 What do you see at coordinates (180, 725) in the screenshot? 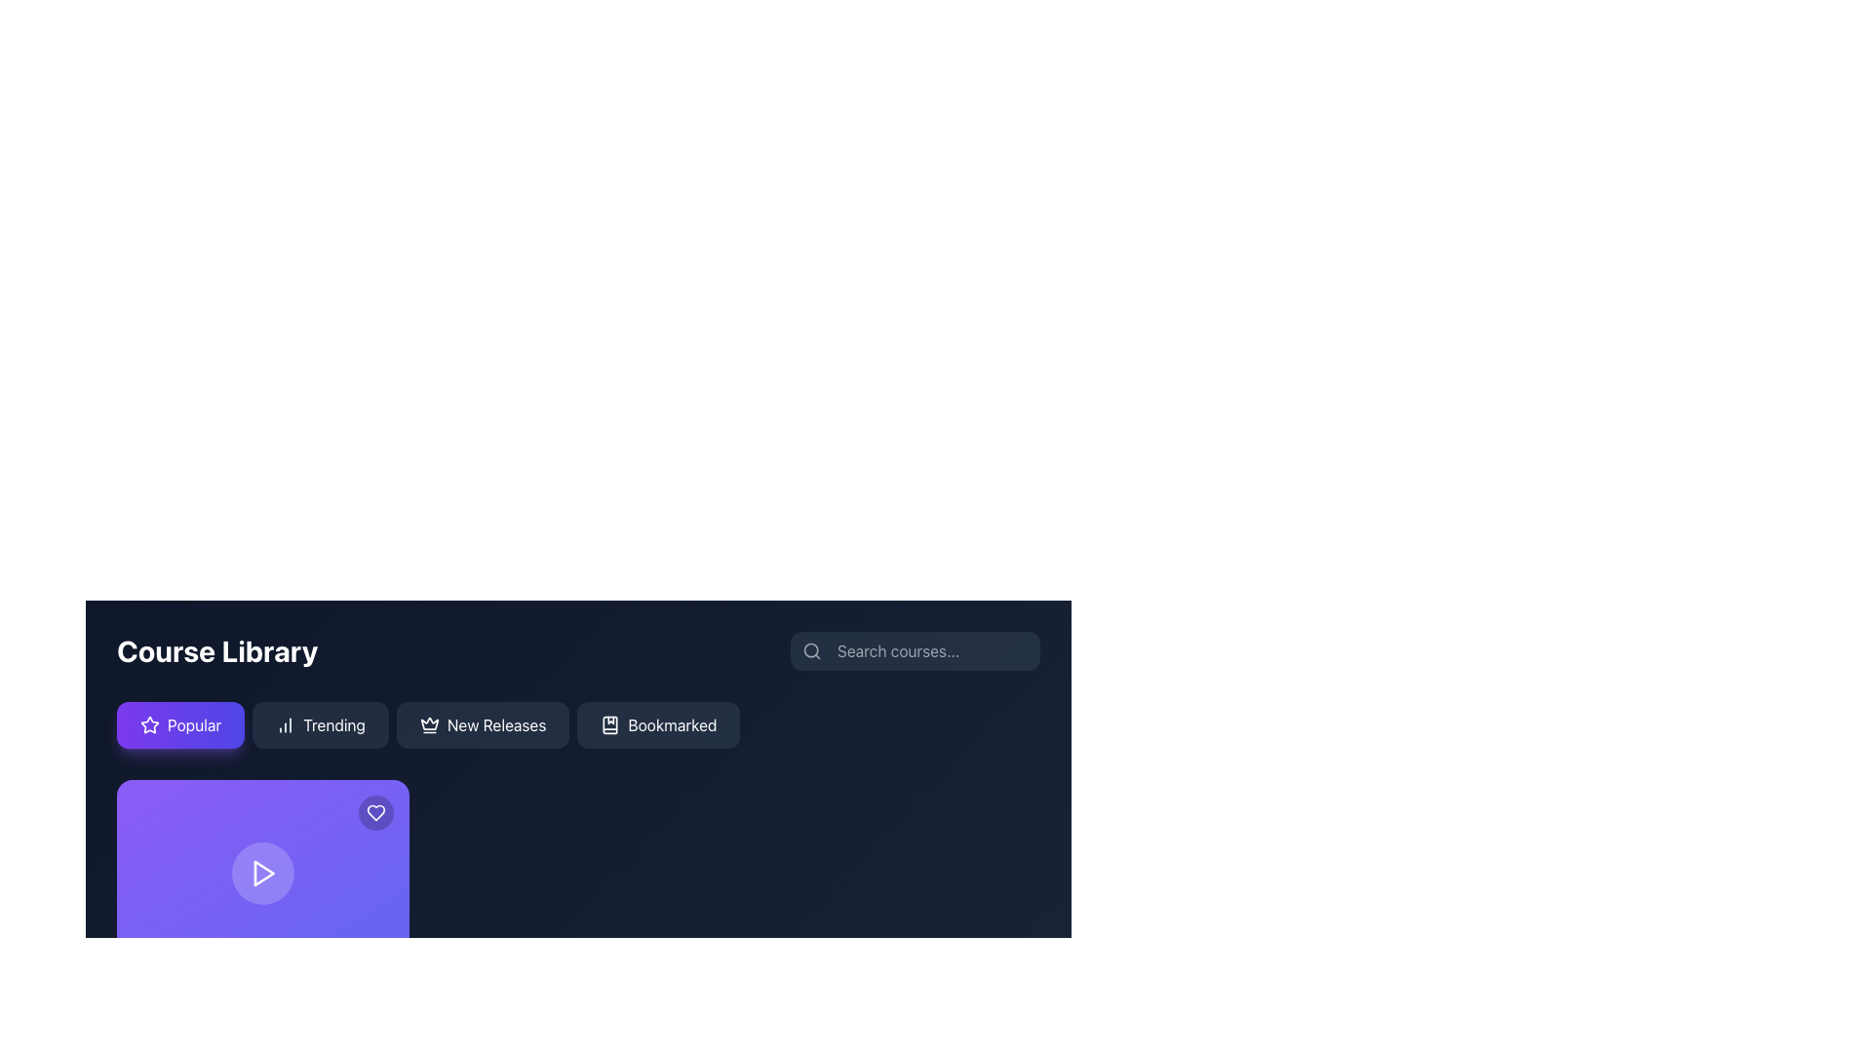
I see `the button labeled 'Popular' which is the first button in the row of four buttons in the 'Course Library' section` at bounding box center [180, 725].